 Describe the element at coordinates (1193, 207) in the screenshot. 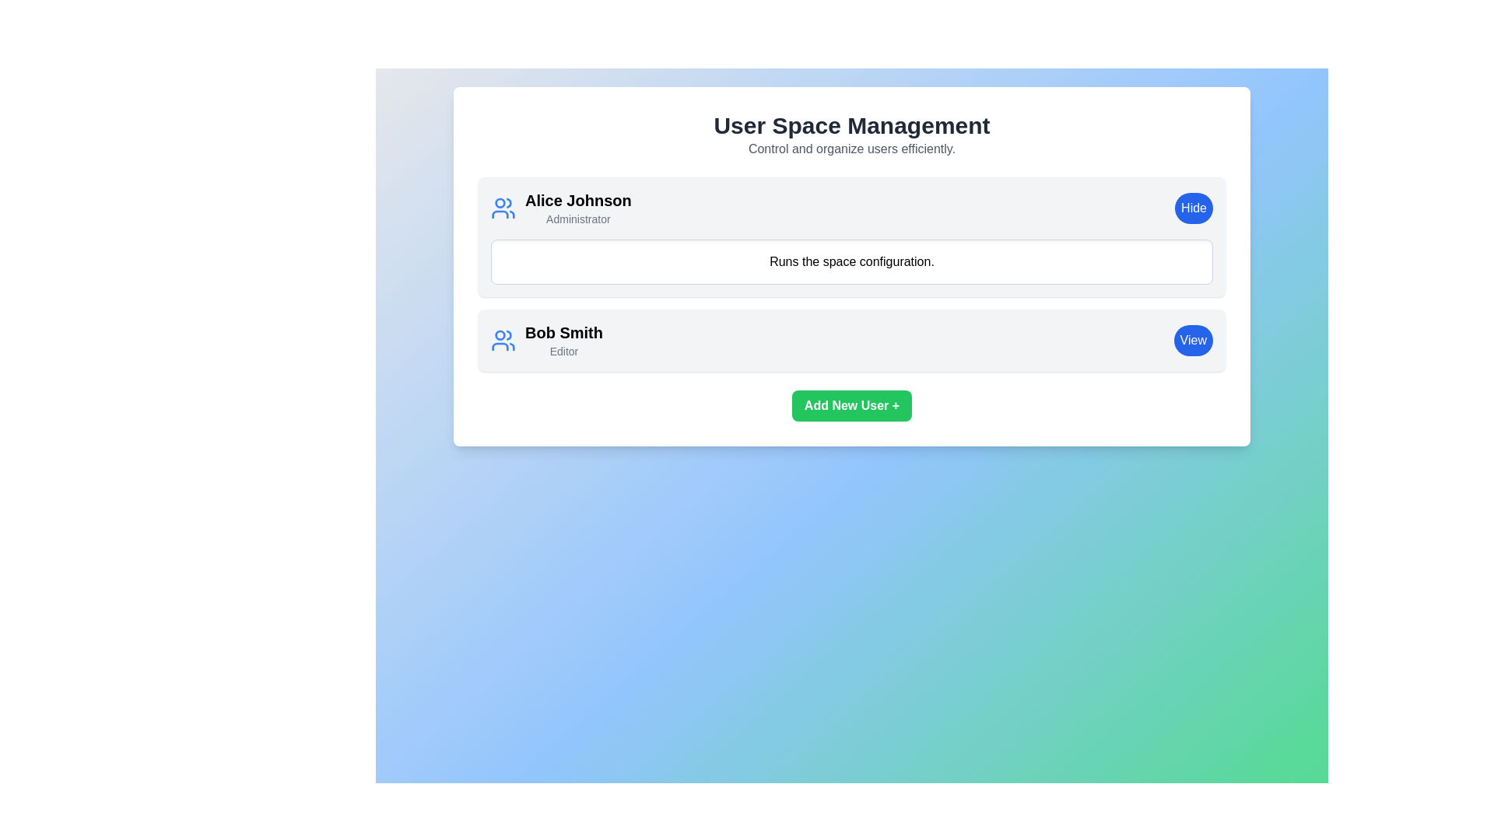

I see `the blue button labeled 'Hide' next to user 'Alice Johnson' to change its color` at that location.